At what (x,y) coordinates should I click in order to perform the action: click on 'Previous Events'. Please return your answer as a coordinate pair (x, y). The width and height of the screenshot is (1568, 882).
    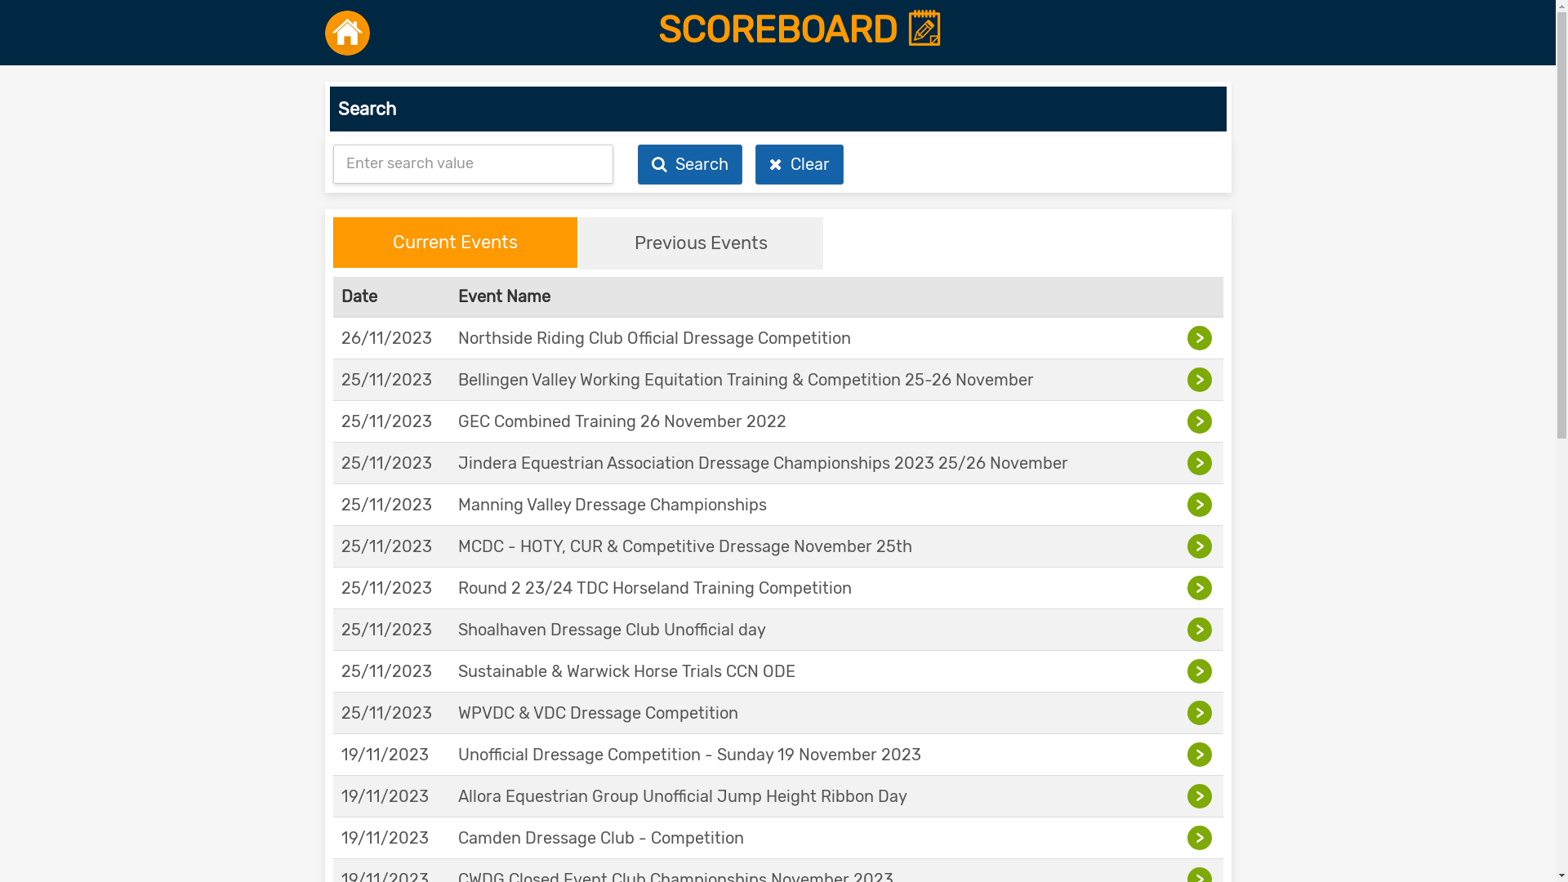
    Looking at the image, I should click on (701, 243).